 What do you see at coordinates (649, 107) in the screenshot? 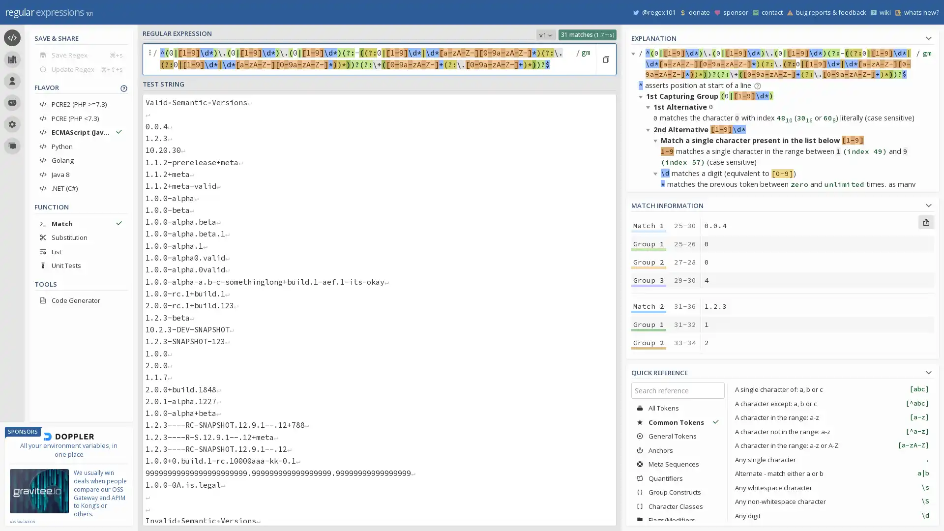
I see `Collapse Subtree` at bounding box center [649, 107].